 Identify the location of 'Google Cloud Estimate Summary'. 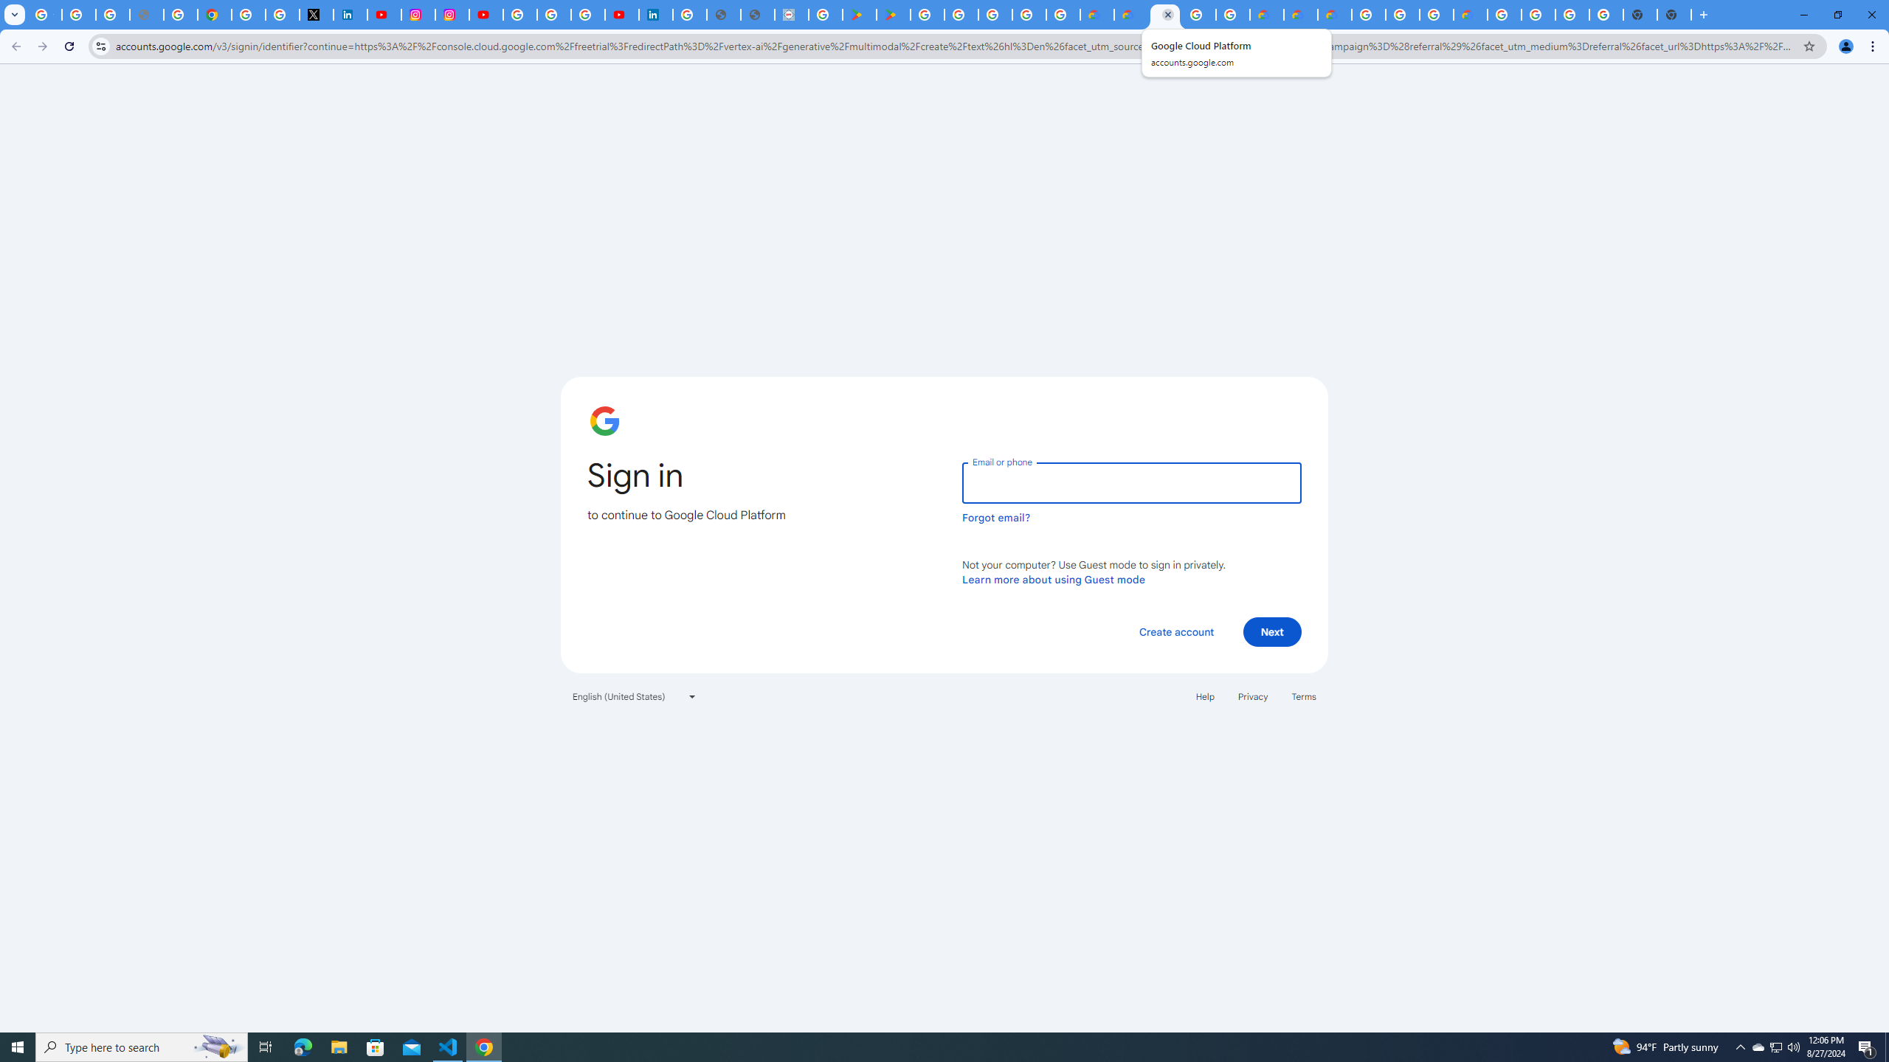
(1333, 14).